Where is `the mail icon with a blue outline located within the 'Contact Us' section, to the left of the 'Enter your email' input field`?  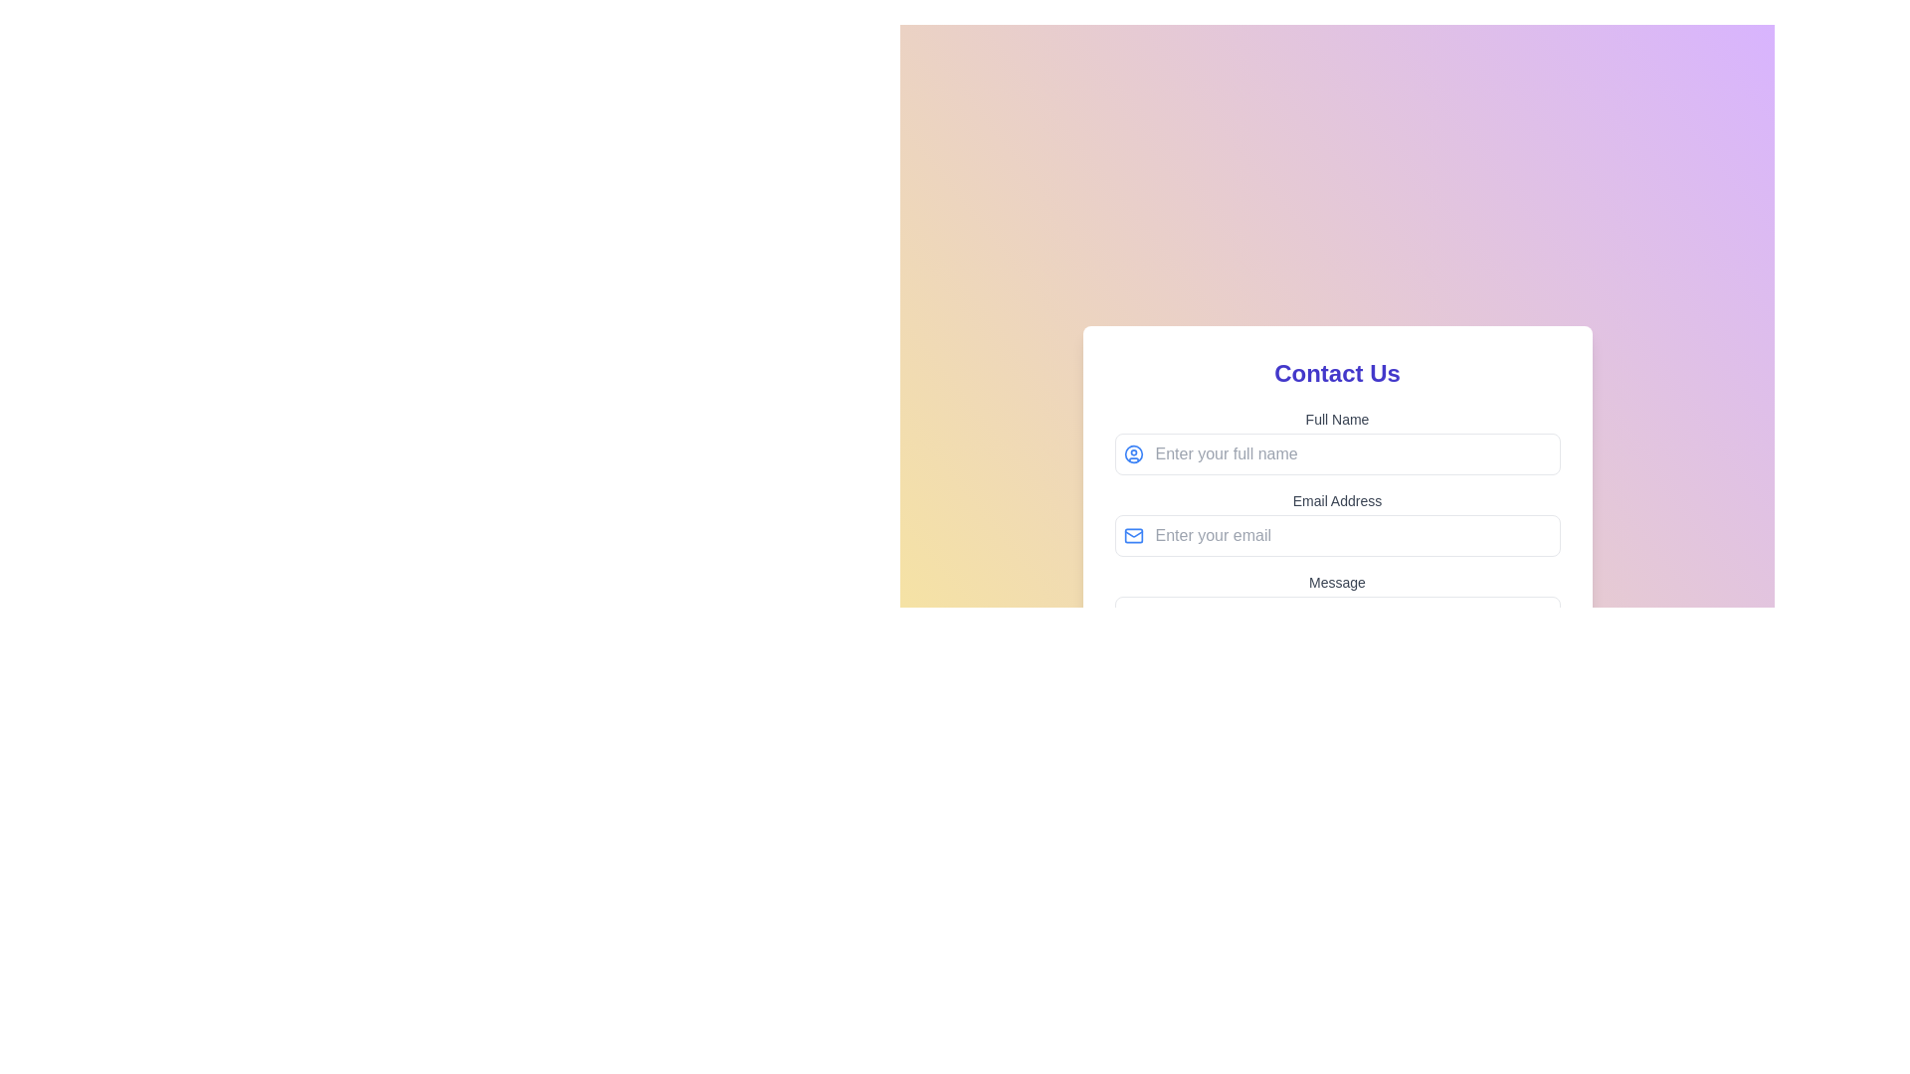
the mail icon with a blue outline located within the 'Contact Us' section, to the left of the 'Enter your email' input field is located at coordinates (1133, 535).